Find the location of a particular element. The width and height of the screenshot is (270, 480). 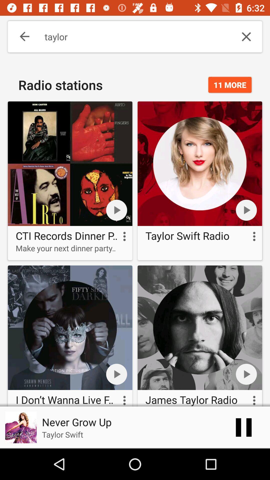

item below the james taylor radio is located at coordinates (243, 427).